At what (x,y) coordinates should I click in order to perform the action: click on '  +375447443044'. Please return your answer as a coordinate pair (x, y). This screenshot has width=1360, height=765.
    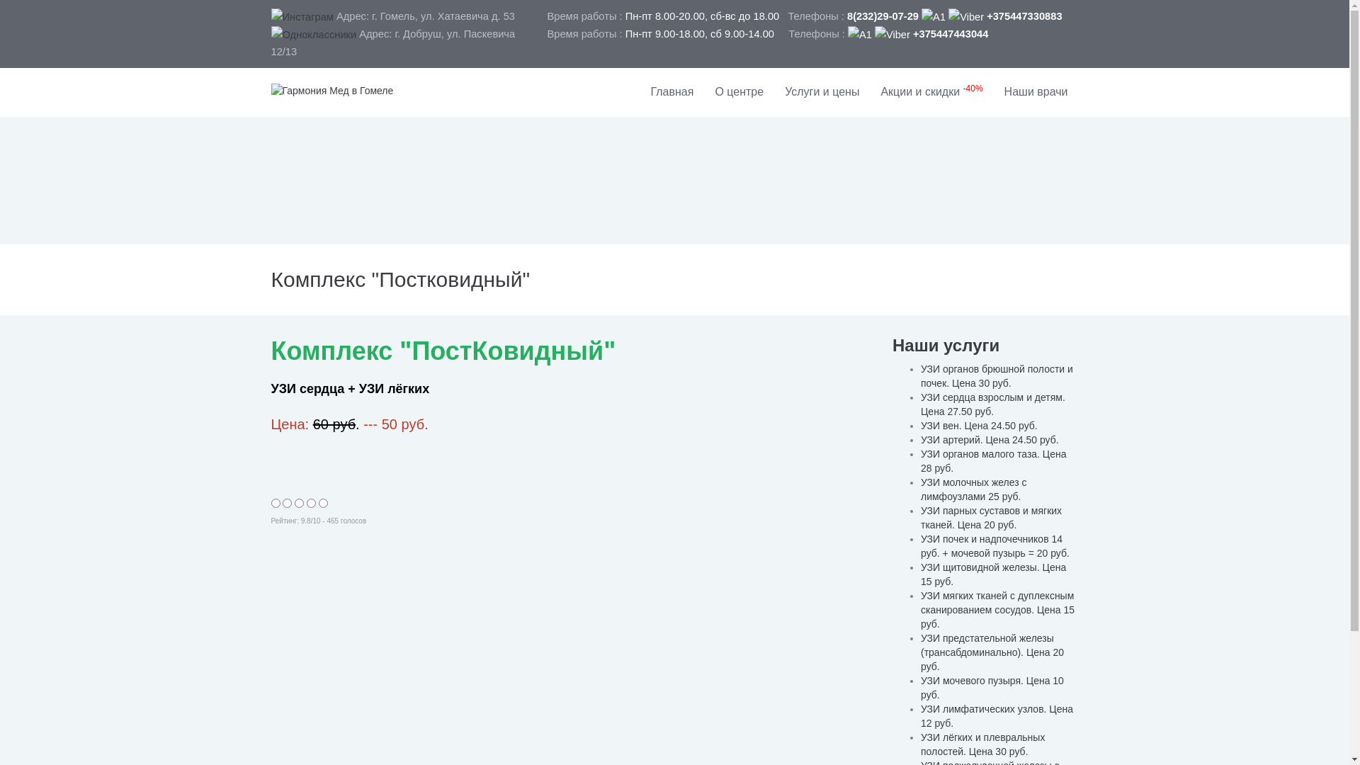
    Looking at the image, I should click on (918, 33).